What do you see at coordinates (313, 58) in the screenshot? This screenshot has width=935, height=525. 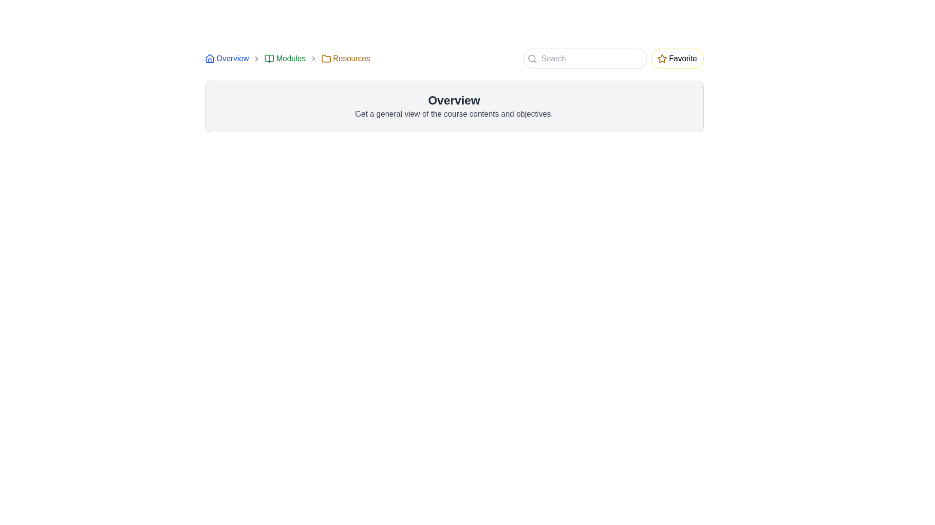 I see `the small gray chevron icon positioned between the 'Modules' and 'Resources' text elements` at bounding box center [313, 58].